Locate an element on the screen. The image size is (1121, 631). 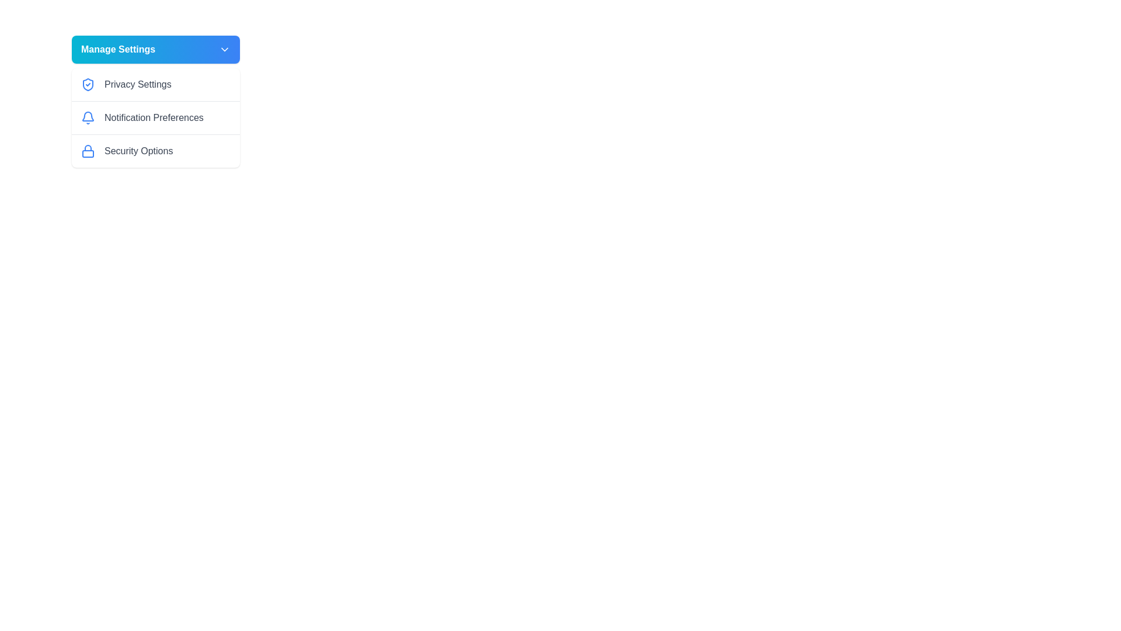
the blue shield icon with a checkmark, located to the left of the text 'Privacy Settings' in the menu under 'Manage Settings' is located at coordinates (87, 84).